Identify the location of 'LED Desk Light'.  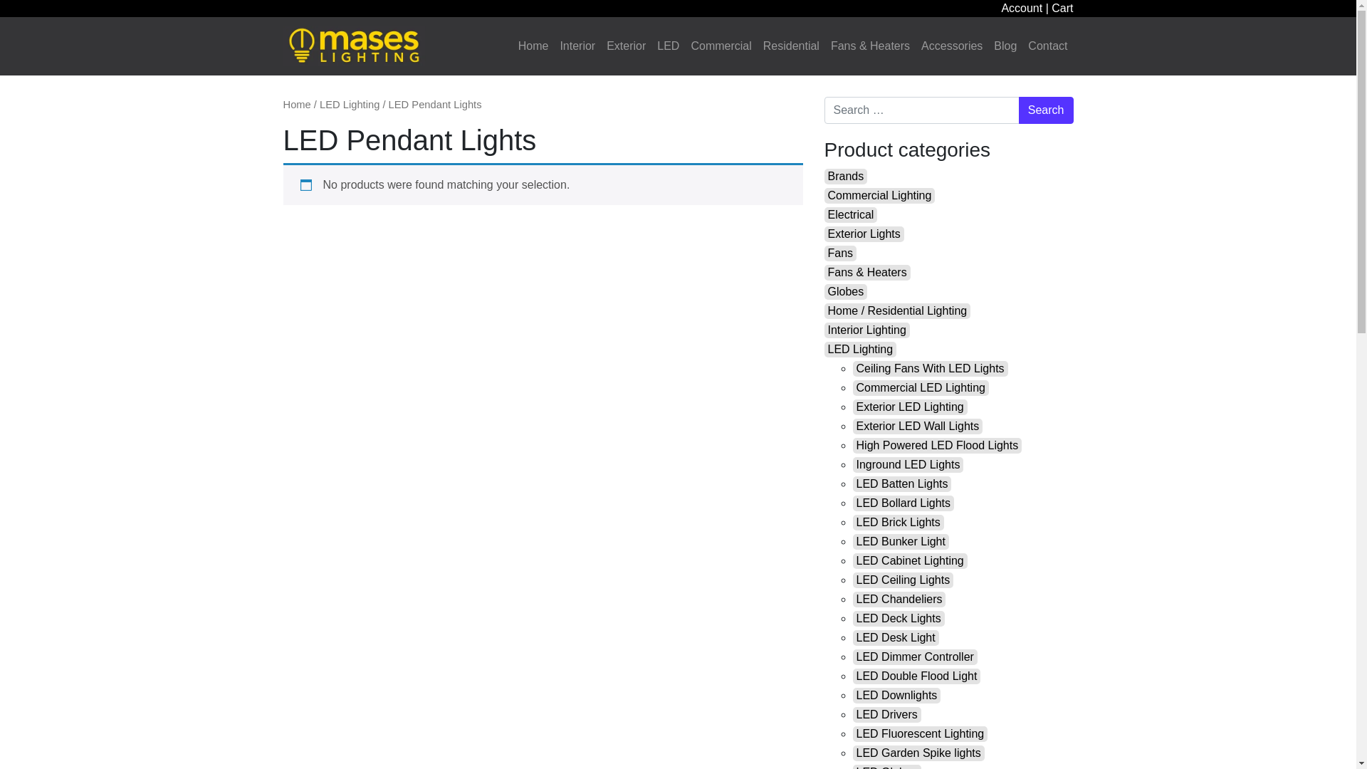
(895, 637).